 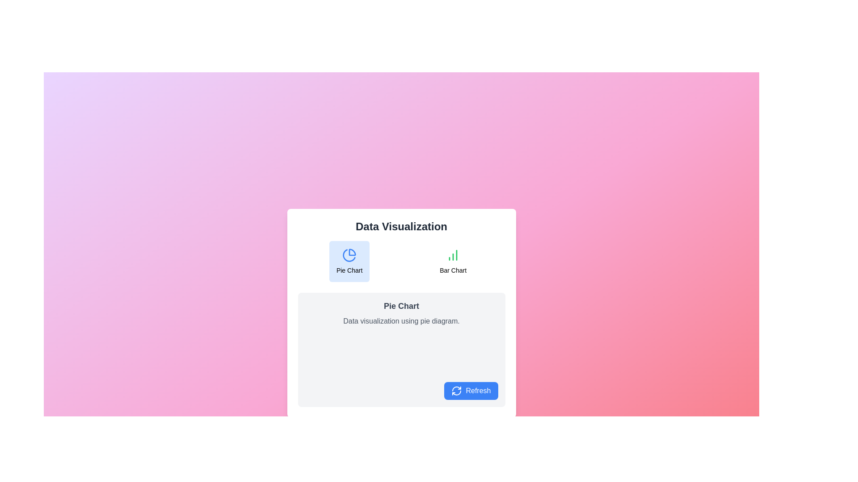 I want to click on the 'Bar Chart' section of the Selector group located beneath the 'Data Visualization' title, so click(x=401, y=261).